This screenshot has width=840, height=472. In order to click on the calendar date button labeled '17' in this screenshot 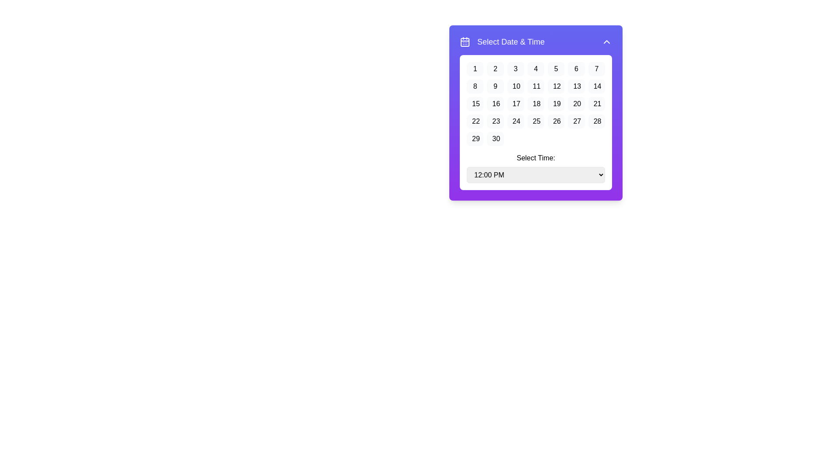, I will do `click(515, 104)`.